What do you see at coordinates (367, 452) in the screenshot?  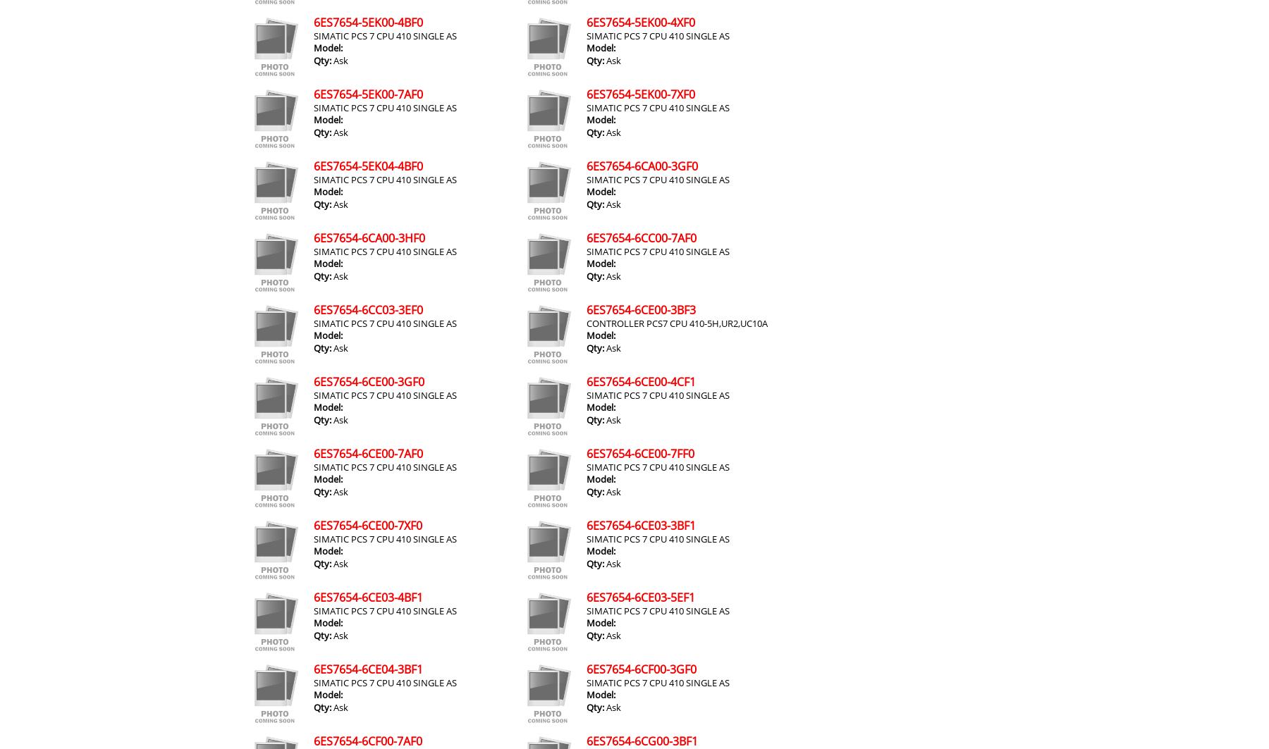 I see `'6ES7654-6CE00-7AF0'` at bounding box center [367, 452].